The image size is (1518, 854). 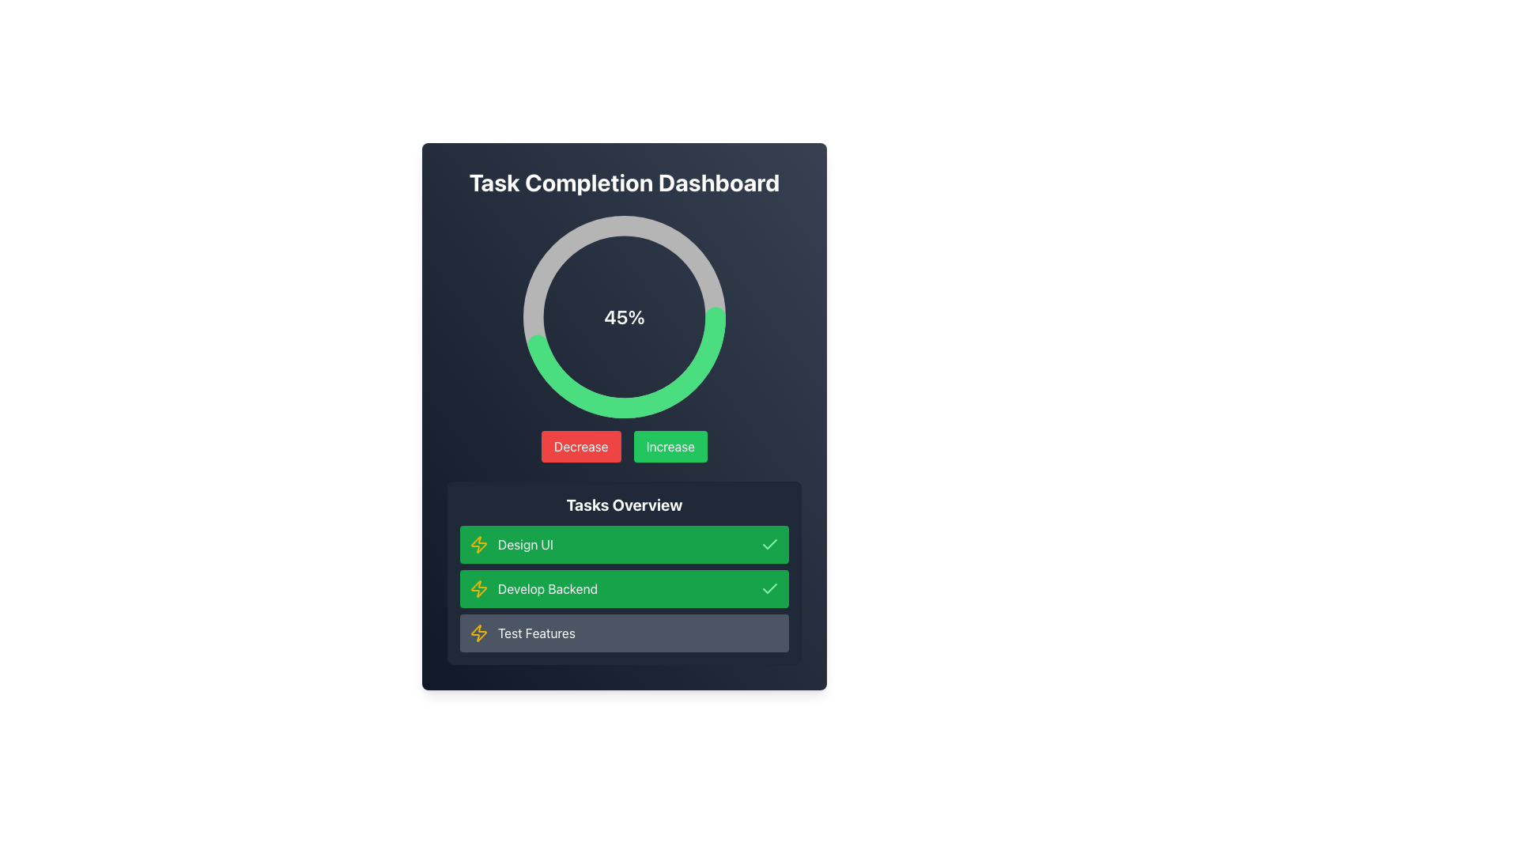 What do you see at coordinates (670, 446) in the screenshot?
I see `the green button labeled 'Increase' located to the right of the 'Decrease' button, below the circular progress indicator, to increase the value` at bounding box center [670, 446].